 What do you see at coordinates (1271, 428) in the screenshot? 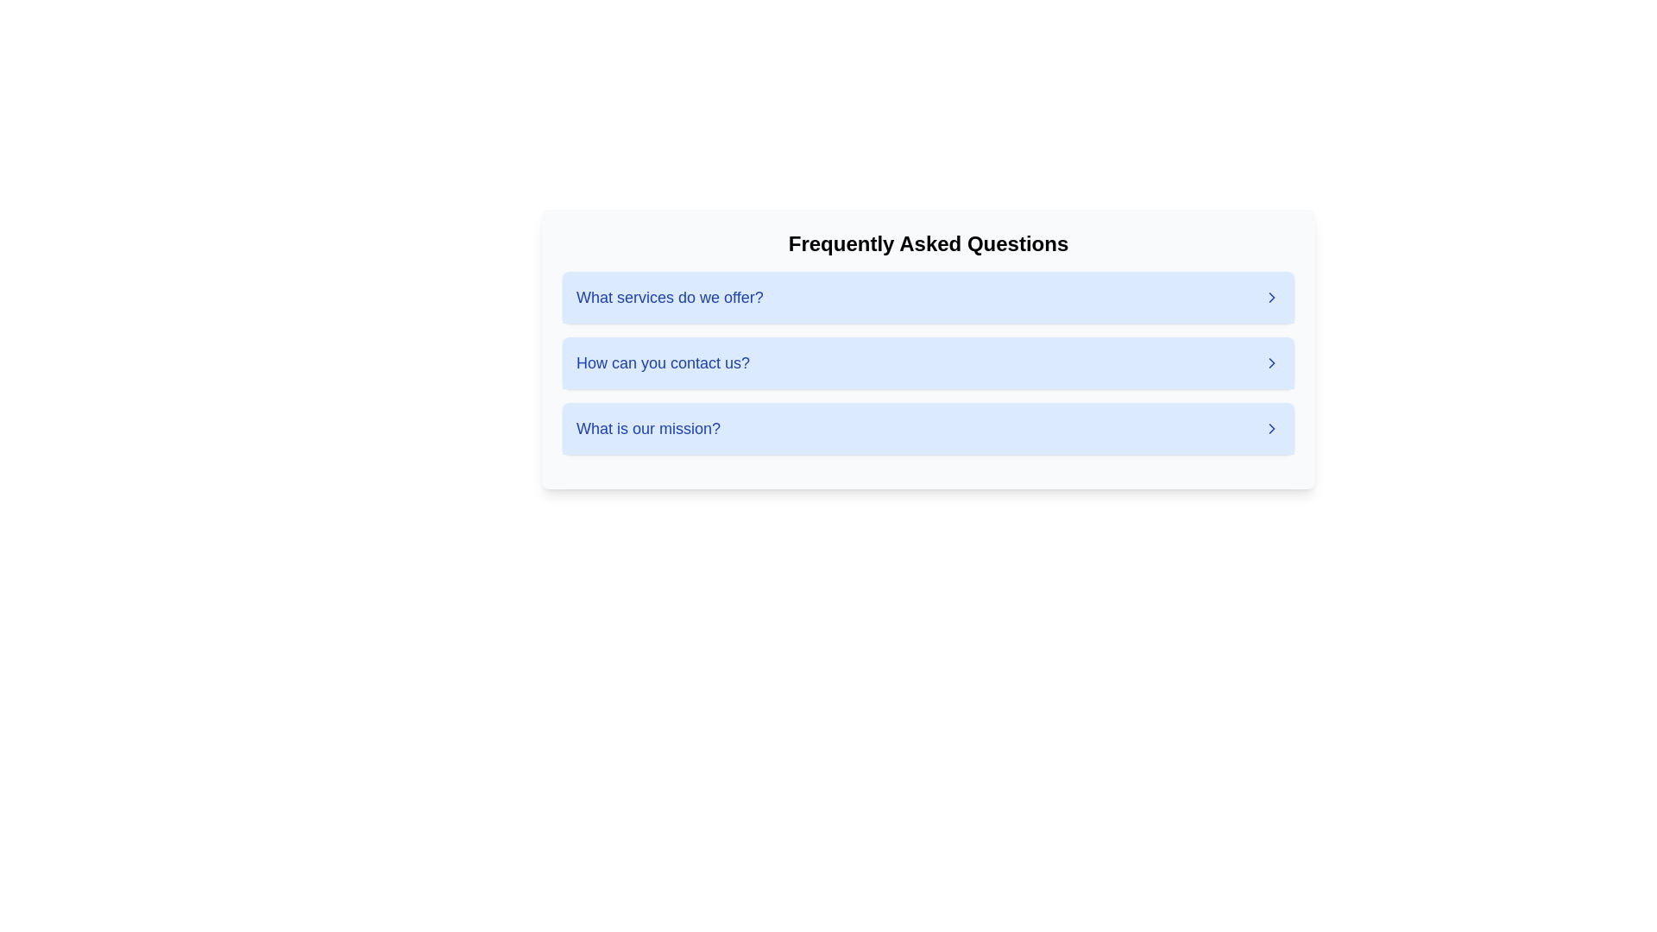
I see `the Chevron Icon located on the far right side of the last row in the Frequently Asked Questions section` at bounding box center [1271, 428].